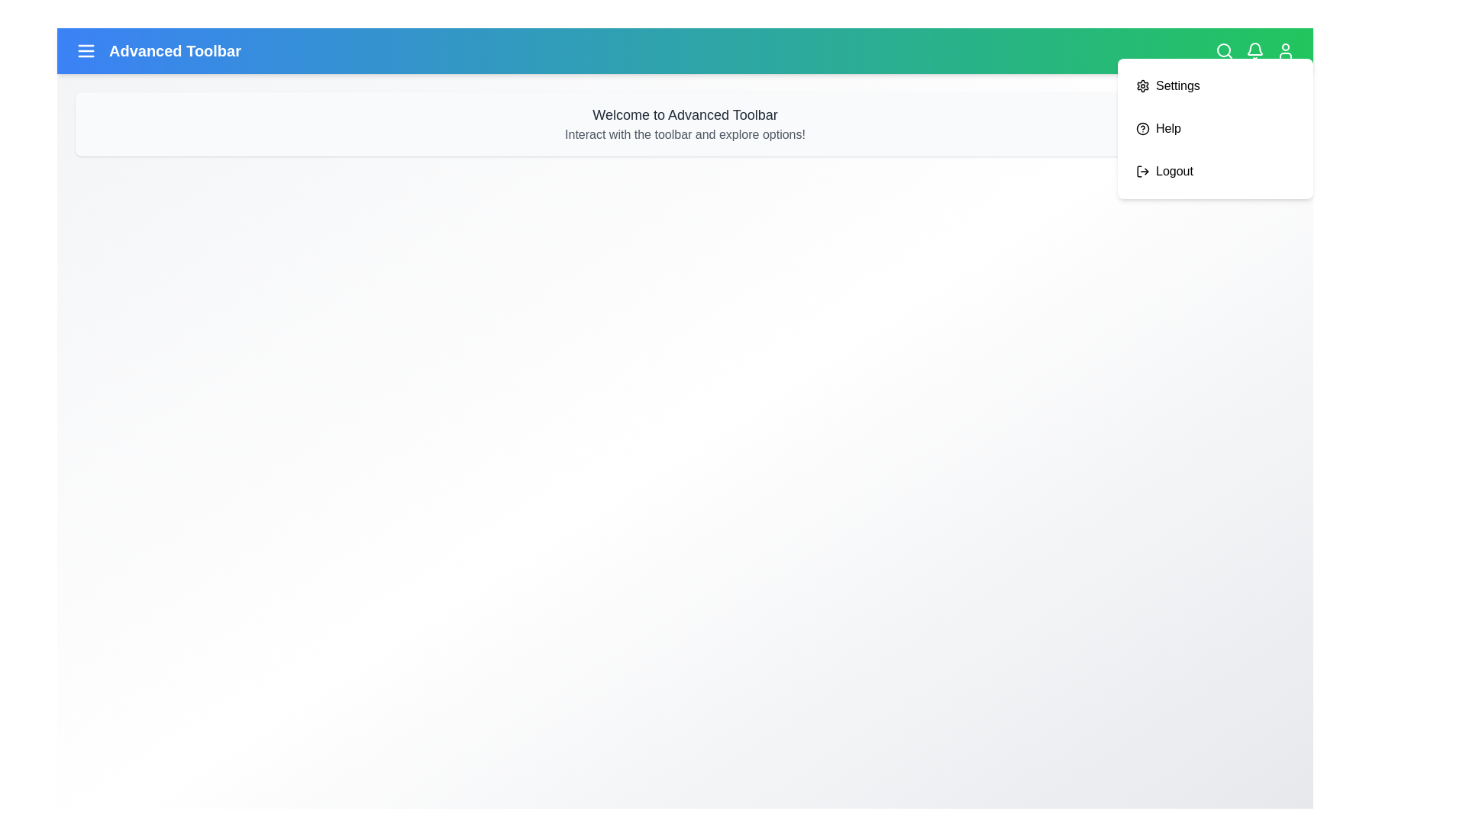  What do you see at coordinates (1224, 50) in the screenshot?
I see `the search icon to initiate a search` at bounding box center [1224, 50].